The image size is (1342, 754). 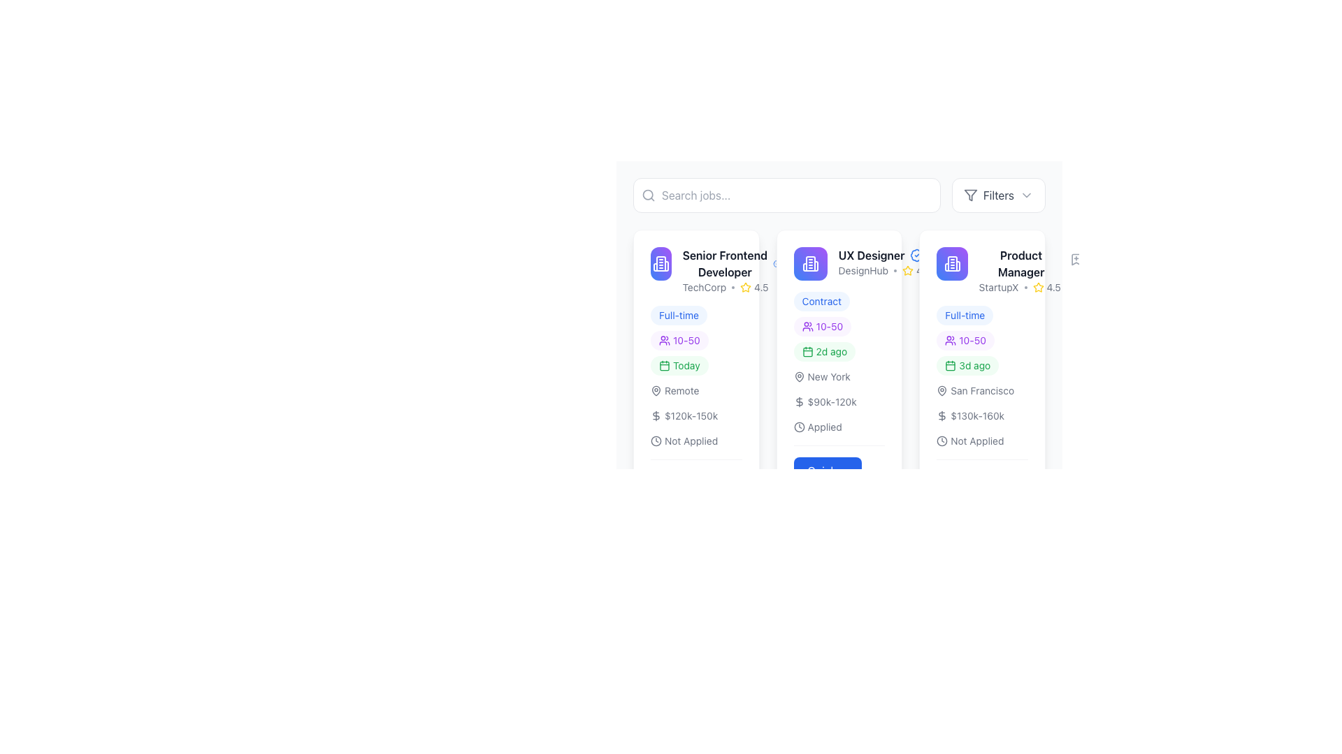 I want to click on the 'Remote' text with map pin icon element, located in the top-left corner of the job listing card for 'Senior Frontend Developer.', so click(x=674, y=390).